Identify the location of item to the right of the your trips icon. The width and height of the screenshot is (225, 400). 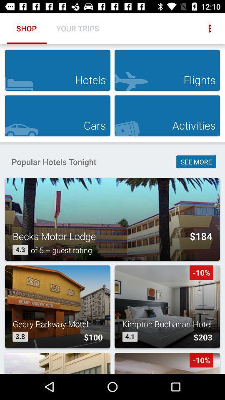
(209, 28).